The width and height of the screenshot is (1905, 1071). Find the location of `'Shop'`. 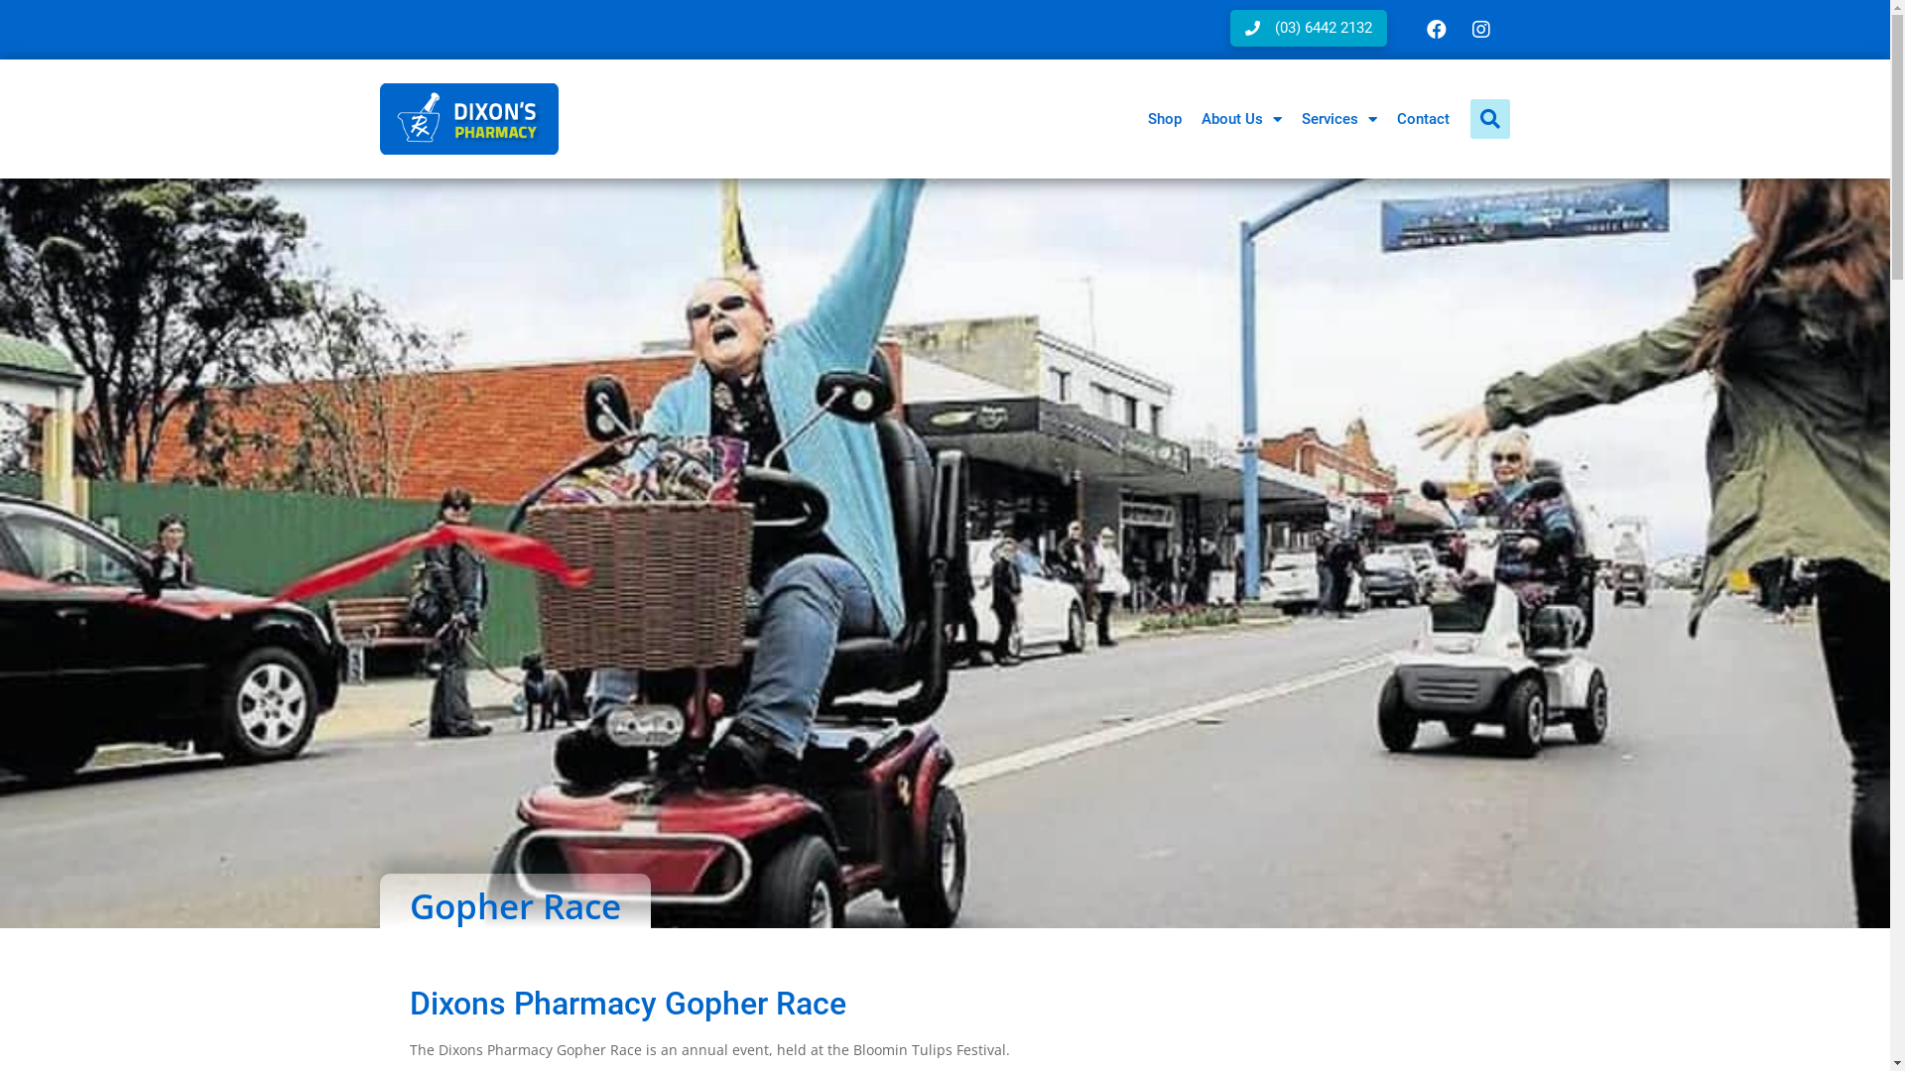

'Shop' is located at coordinates (1163, 118).